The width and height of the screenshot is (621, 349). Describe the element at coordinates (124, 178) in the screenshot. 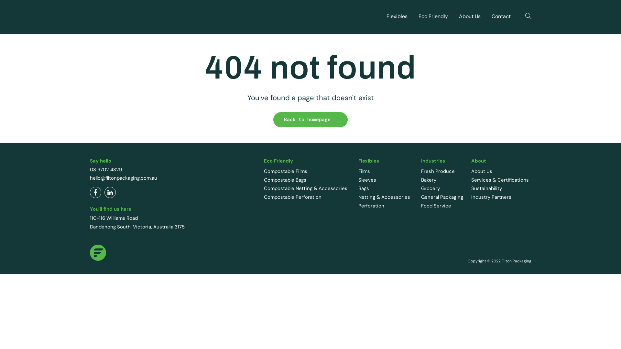

I see `'hello@filtonpackaging.com.au'` at that location.